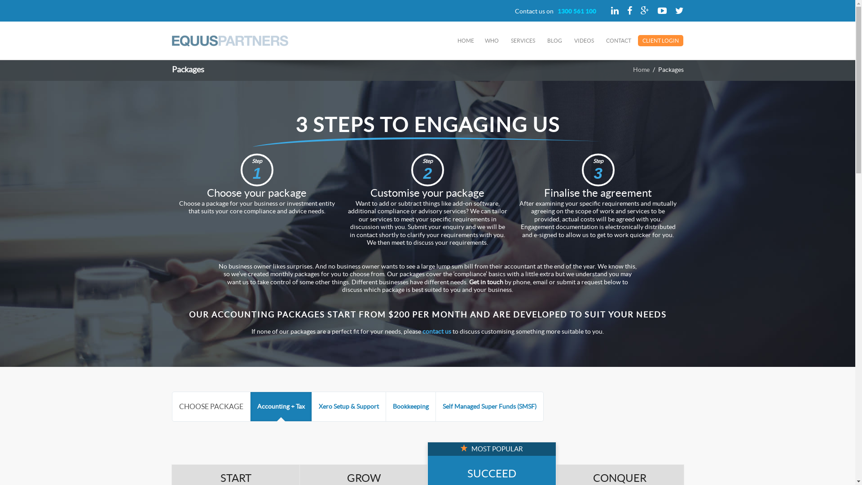 The width and height of the screenshot is (862, 485). What do you see at coordinates (554, 40) in the screenshot?
I see `'BLOG'` at bounding box center [554, 40].